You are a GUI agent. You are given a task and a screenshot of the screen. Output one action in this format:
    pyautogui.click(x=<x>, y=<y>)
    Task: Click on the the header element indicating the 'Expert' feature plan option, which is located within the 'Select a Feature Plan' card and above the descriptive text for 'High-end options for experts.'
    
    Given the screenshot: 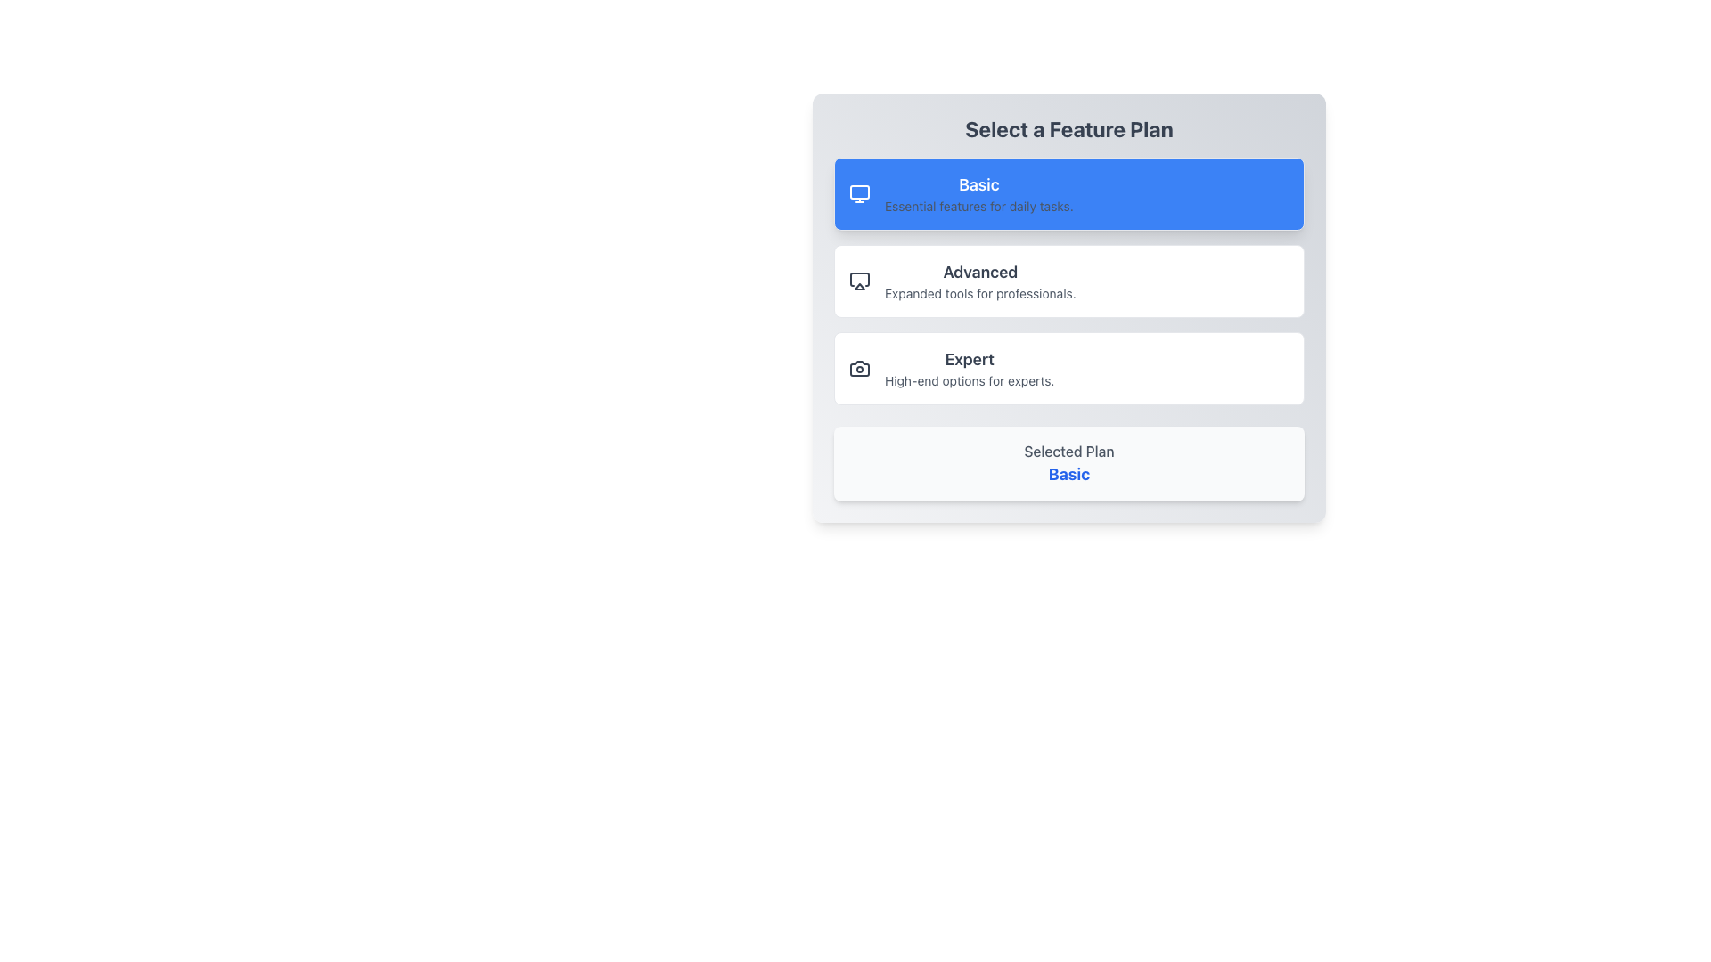 What is the action you would take?
    pyautogui.click(x=969, y=360)
    